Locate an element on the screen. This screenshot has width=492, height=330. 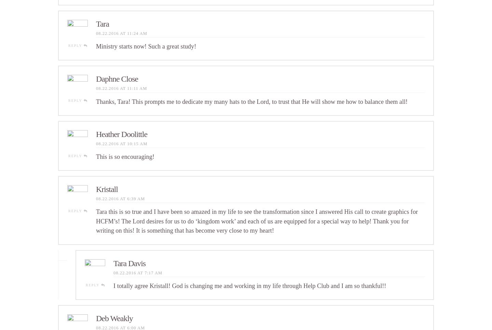
'08.22.2016 at 10:15 am' is located at coordinates (95, 143).